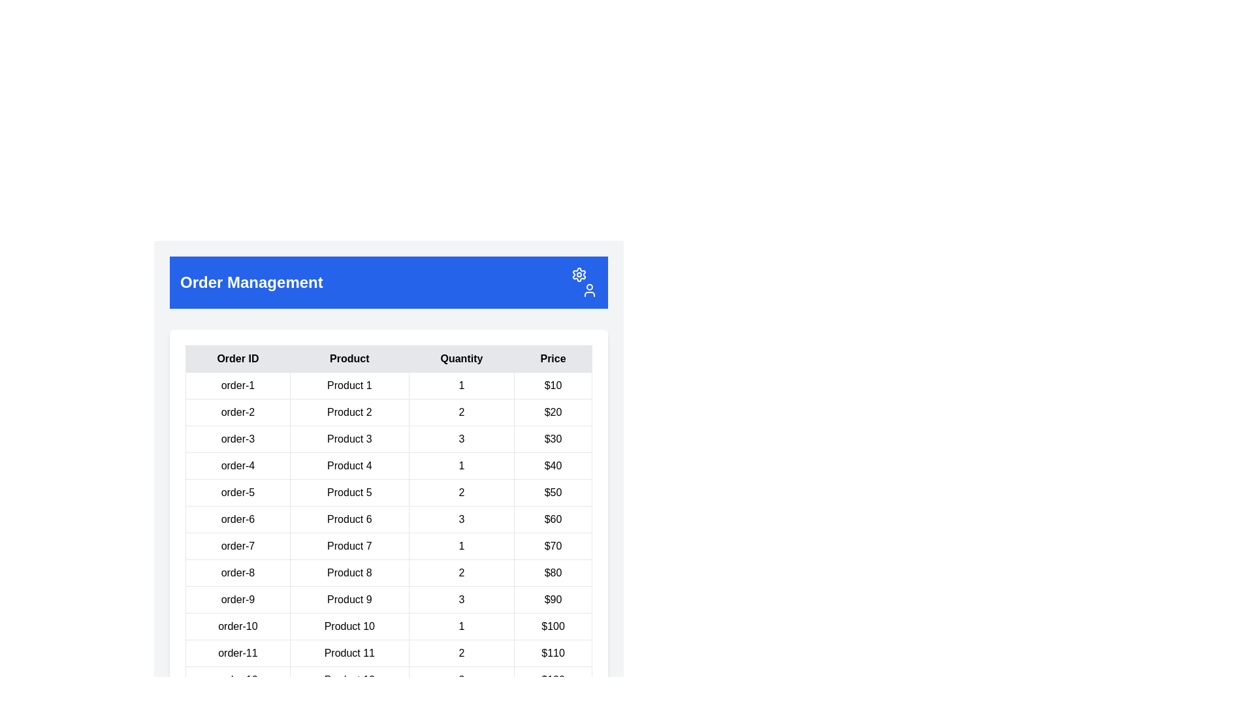 The height and width of the screenshot is (705, 1254). I want to click on the table header cell displaying 'Product', which is the second column header in a table with a light gray background and borders, positioned between 'Order ID' and 'Quantity', so click(349, 359).